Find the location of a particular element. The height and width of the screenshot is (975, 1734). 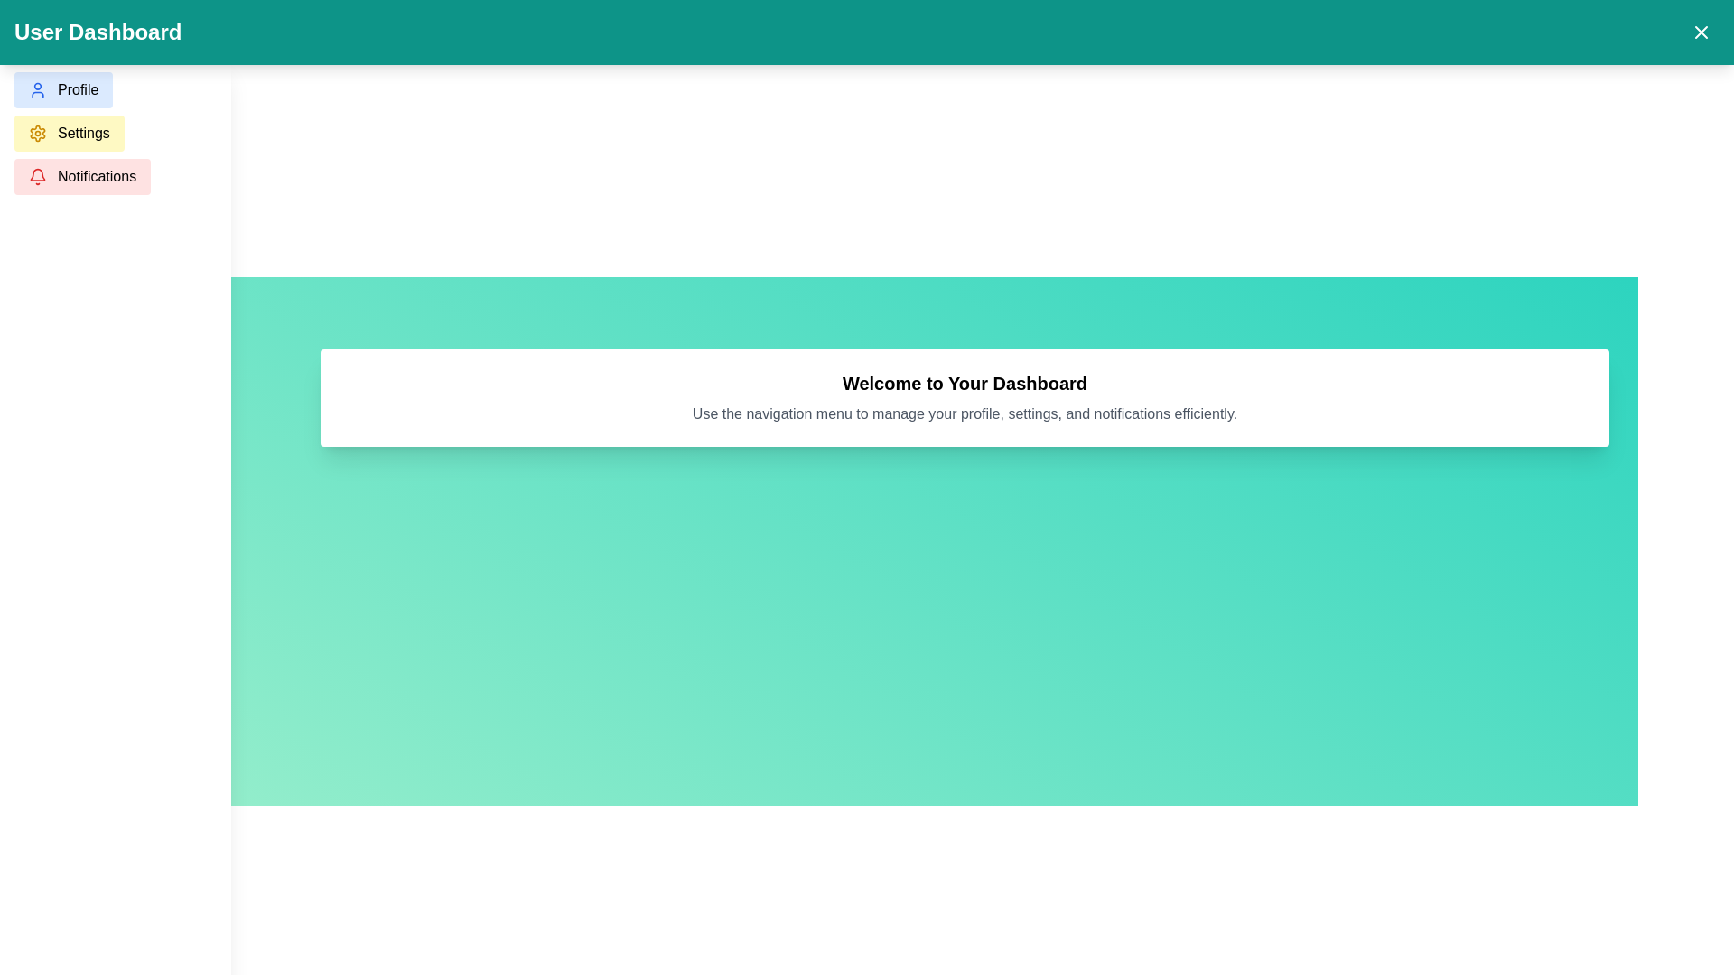

the close button located in the top-right corner of the interface is located at coordinates (1700, 32).